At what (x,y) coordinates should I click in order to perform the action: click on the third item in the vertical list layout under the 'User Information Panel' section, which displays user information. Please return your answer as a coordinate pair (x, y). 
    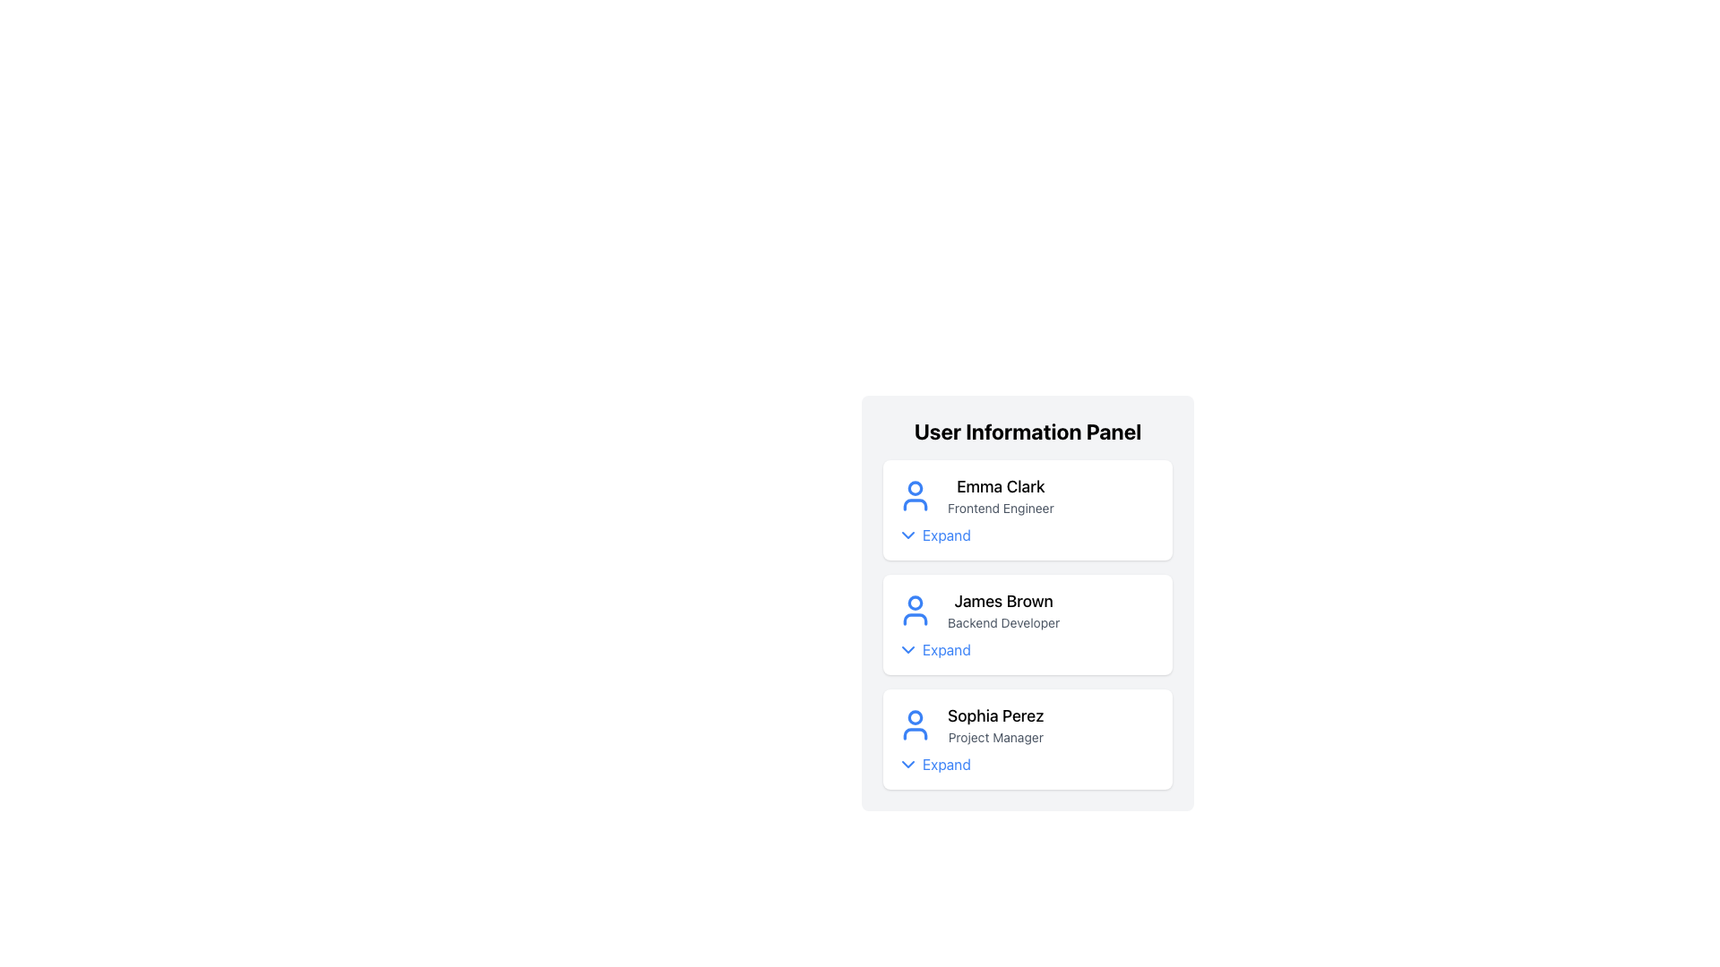
    Looking at the image, I should click on (1028, 725).